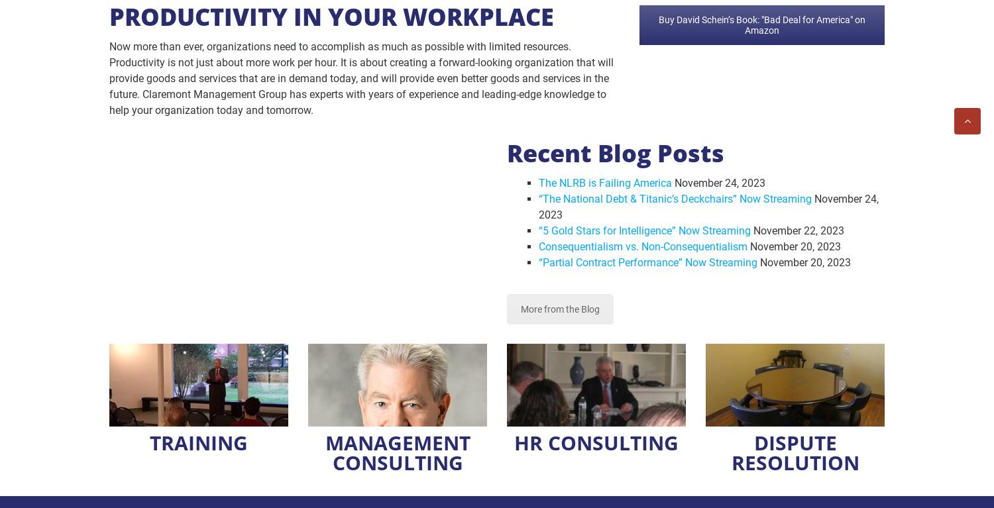 This screenshot has width=994, height=508. Describe the element at coordinates (642, 246) in the screenshot. I see `'Consequentialism vs. Non-Consequentialism'` at that location.